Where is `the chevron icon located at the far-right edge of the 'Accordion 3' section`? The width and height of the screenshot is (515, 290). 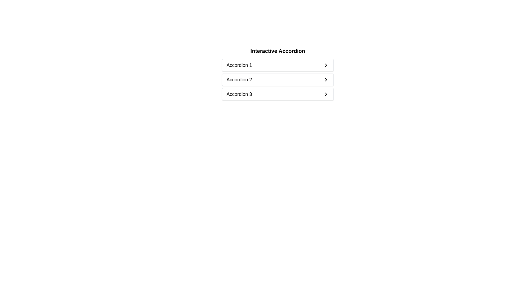 the chevron icon located at the far-right edge of the 'Accordion 3' section is located at coordinates (325, 94).